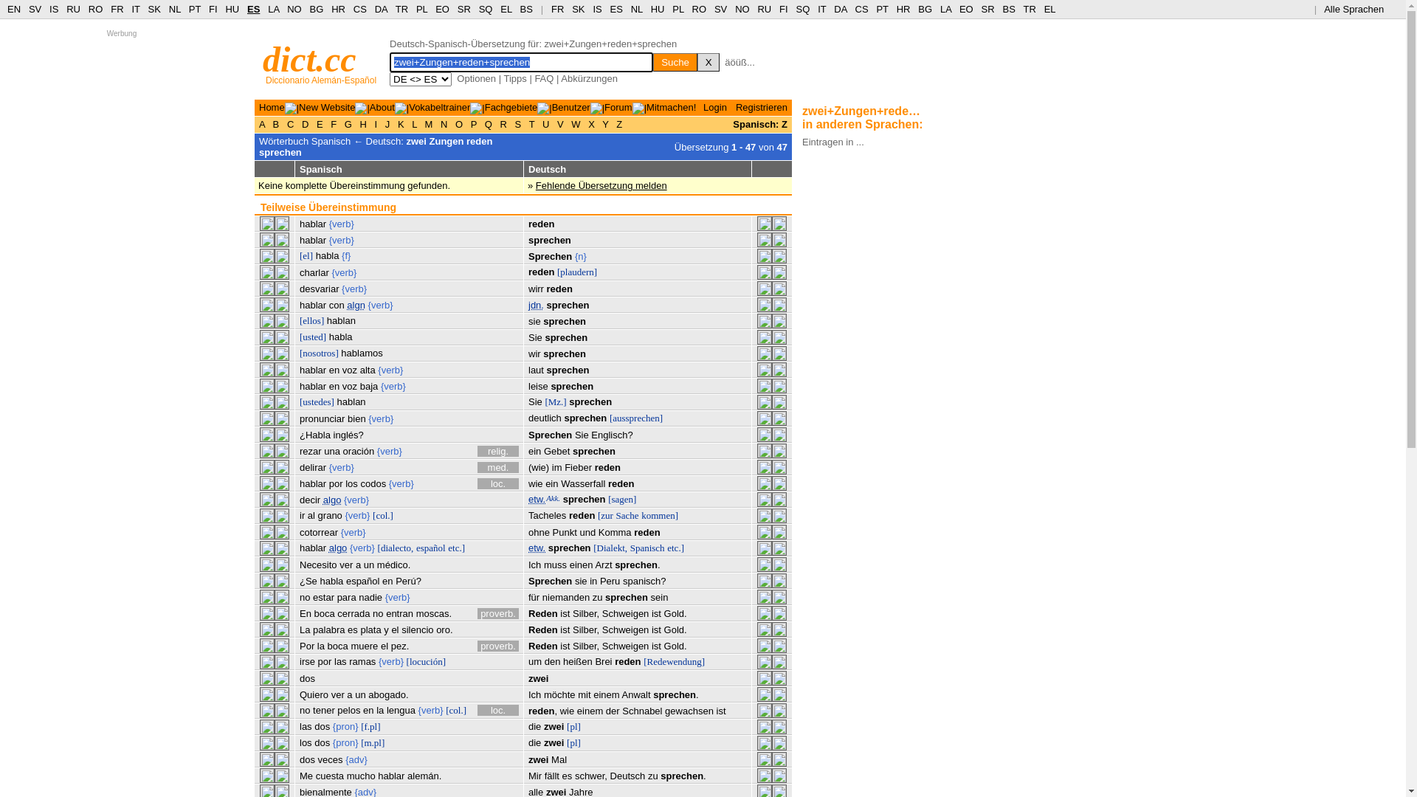  I want to click on '[pl]', so click(573, 725).